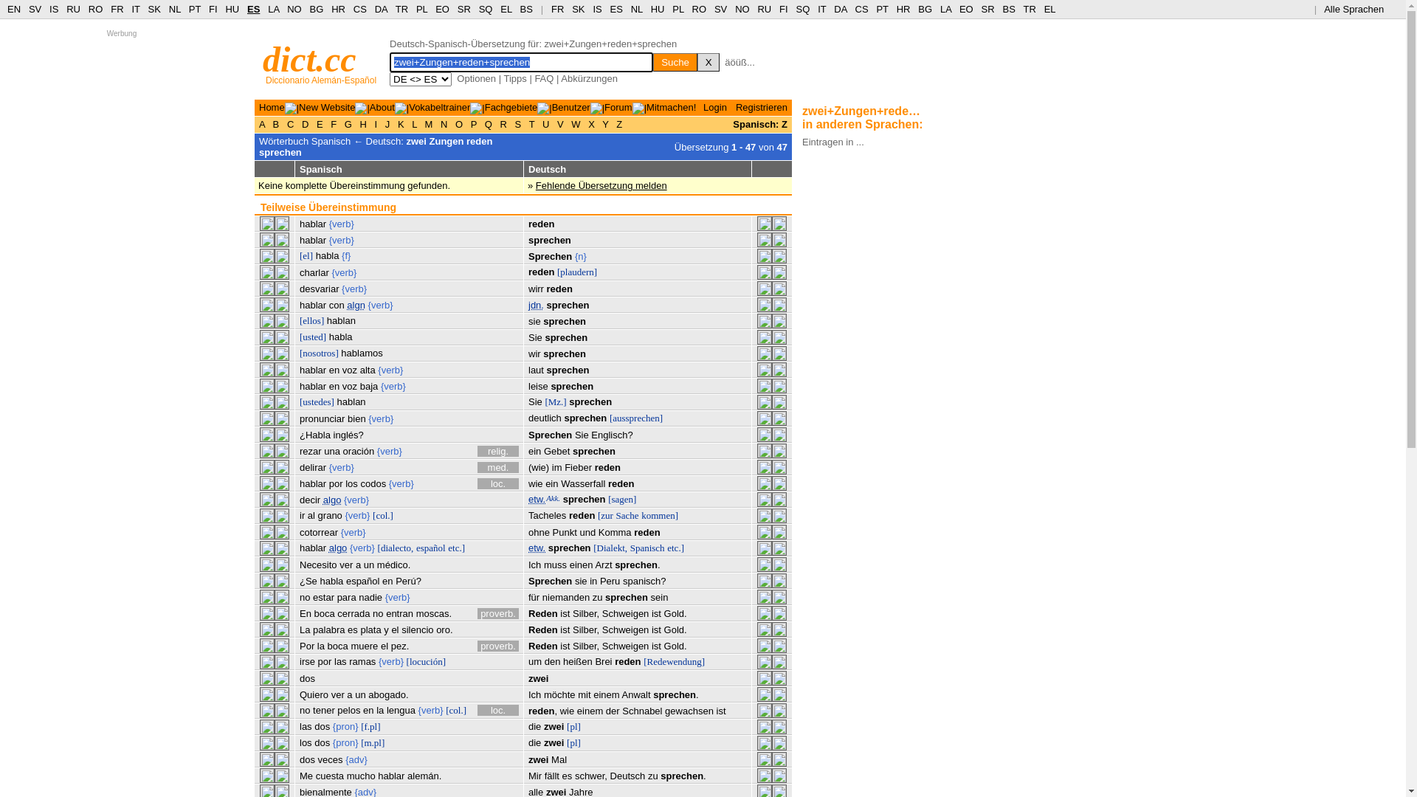  I want to click on '[pl]', so click(573, 725).